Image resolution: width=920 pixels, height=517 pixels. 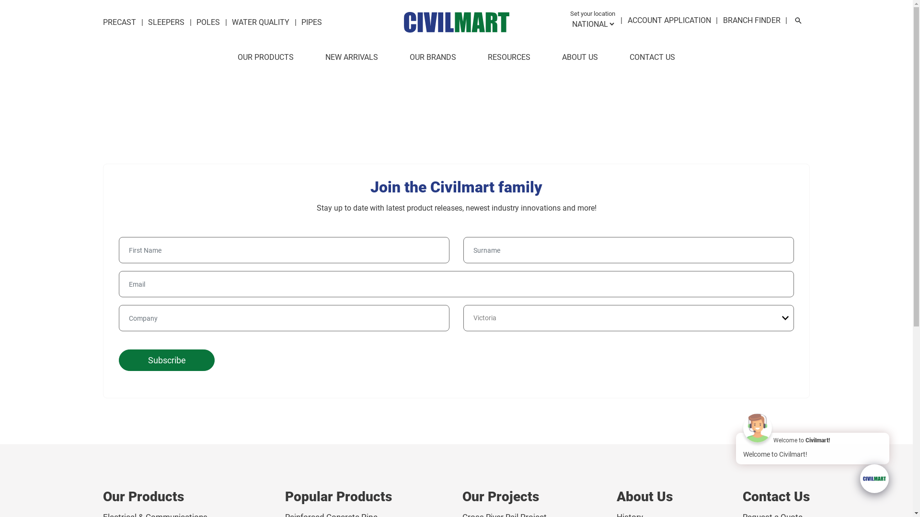 What do you see at coordinates (508, 58) in the screenshot?
I see `'RESOURCES'` at bounding box center [508, 58].